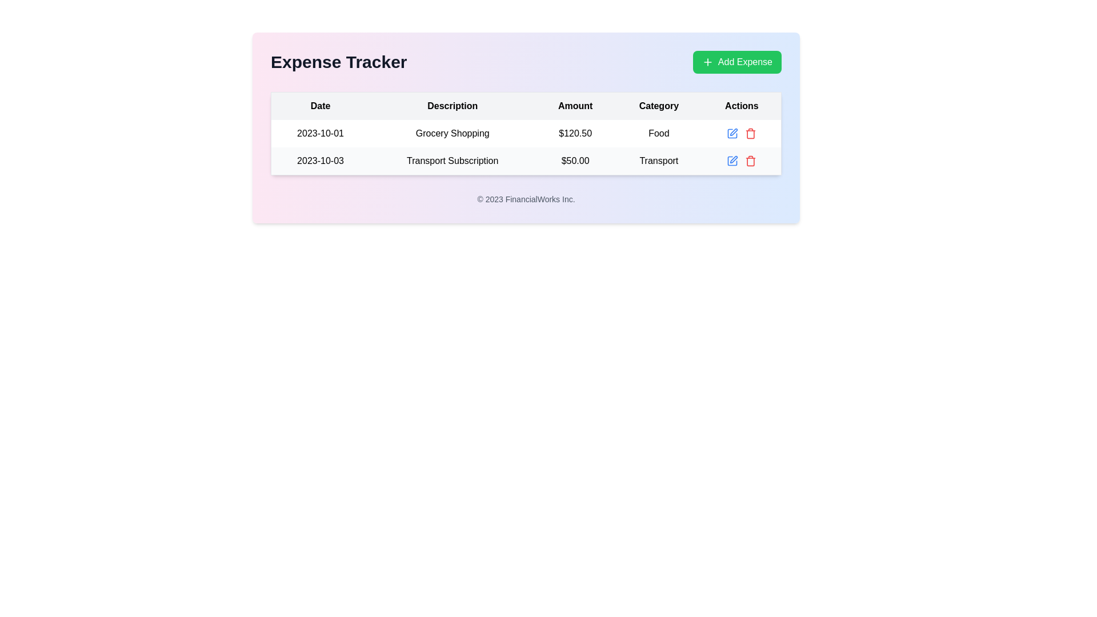 This screenshot has height=617, width=1097. I want to click on the second row of the expenses table that lists details for 'Transport Subscription', so click(526, 161).